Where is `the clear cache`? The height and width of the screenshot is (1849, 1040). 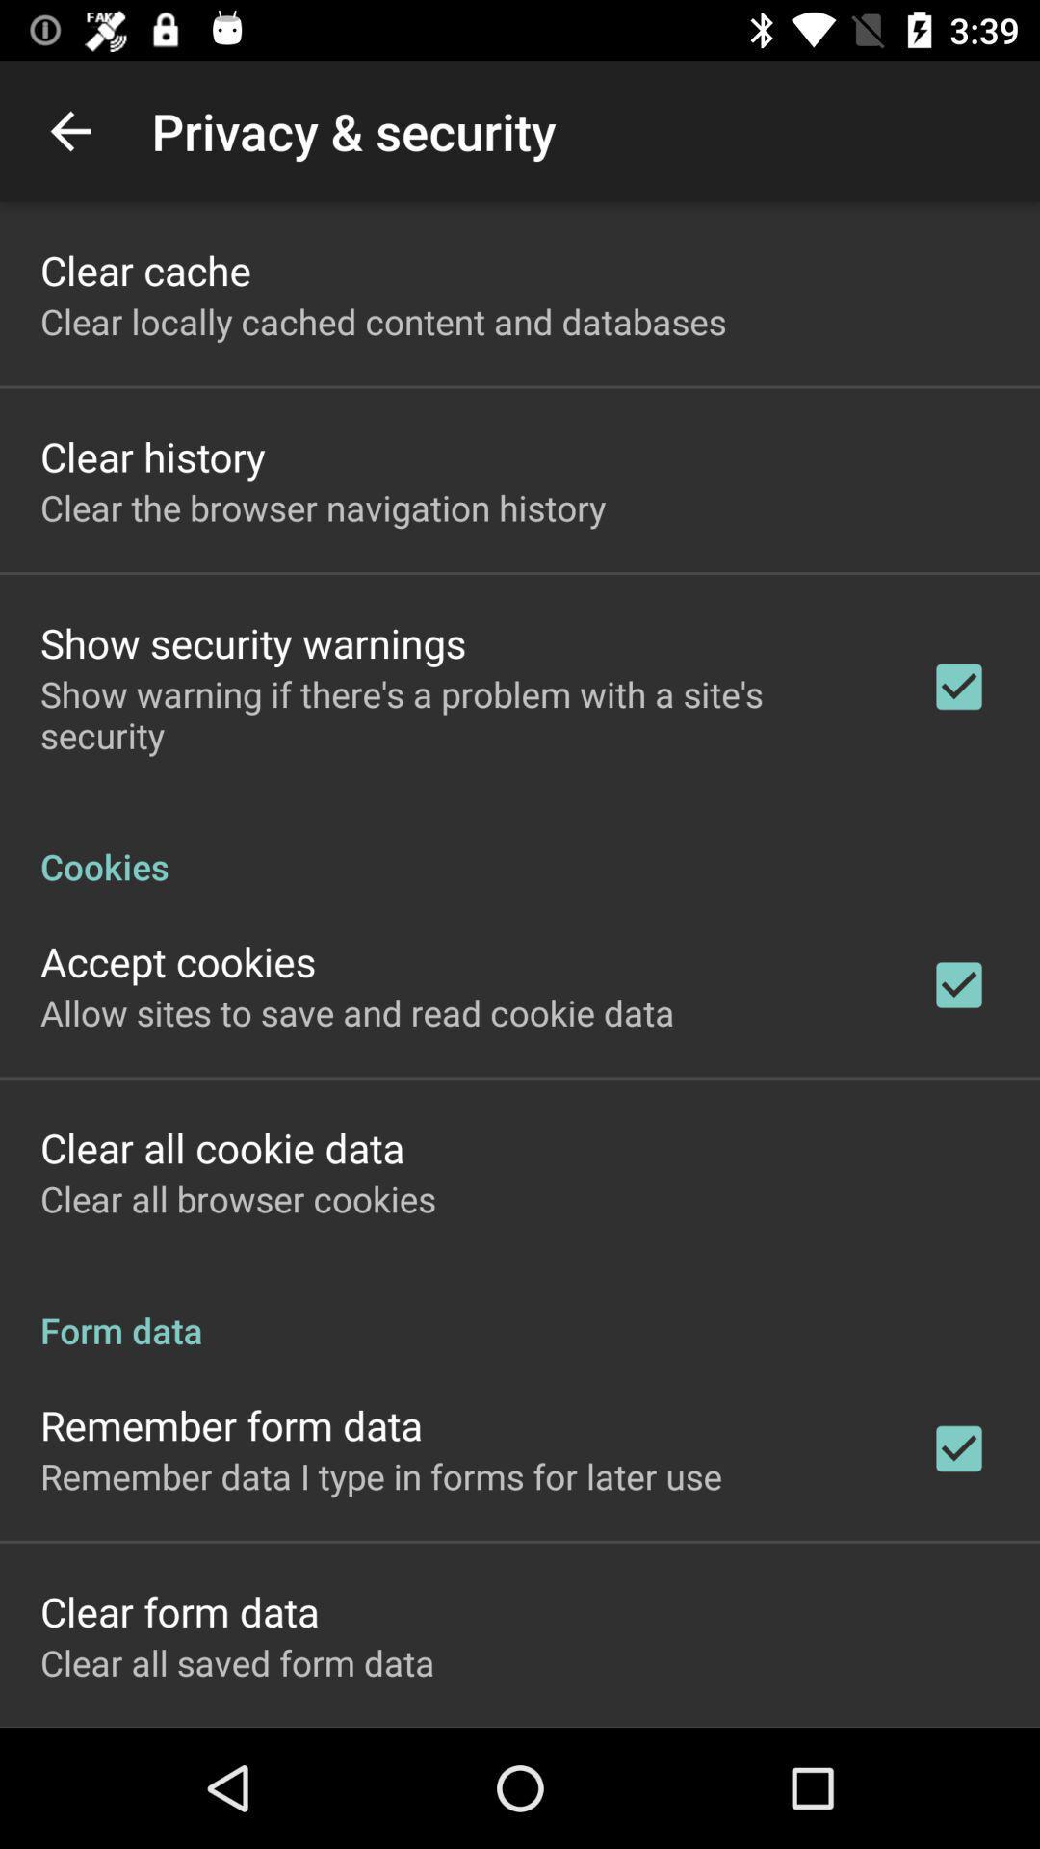 the clear cache is located at coordinates (144, 269).